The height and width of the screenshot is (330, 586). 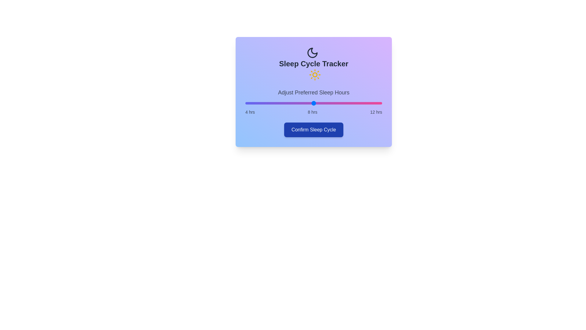 What do you see at coordinates (331, 103) in the screenshot?
I see `the sleep hours to 9 using the slider` at bounding box center [331, 103].